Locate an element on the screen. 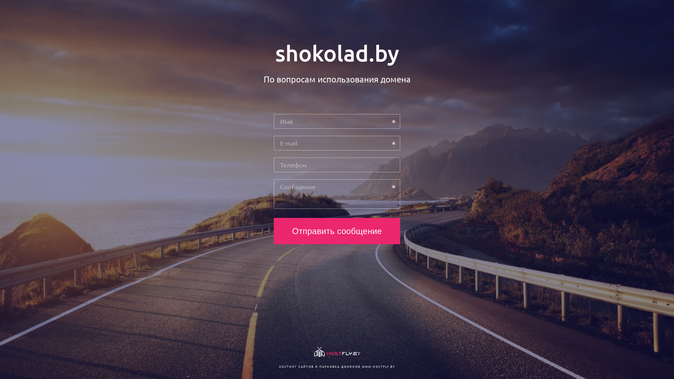 The height and width of the screenshot is (379, 674). 'WWW.HOSTFLY.BY' is located at coordinates (378, 366).